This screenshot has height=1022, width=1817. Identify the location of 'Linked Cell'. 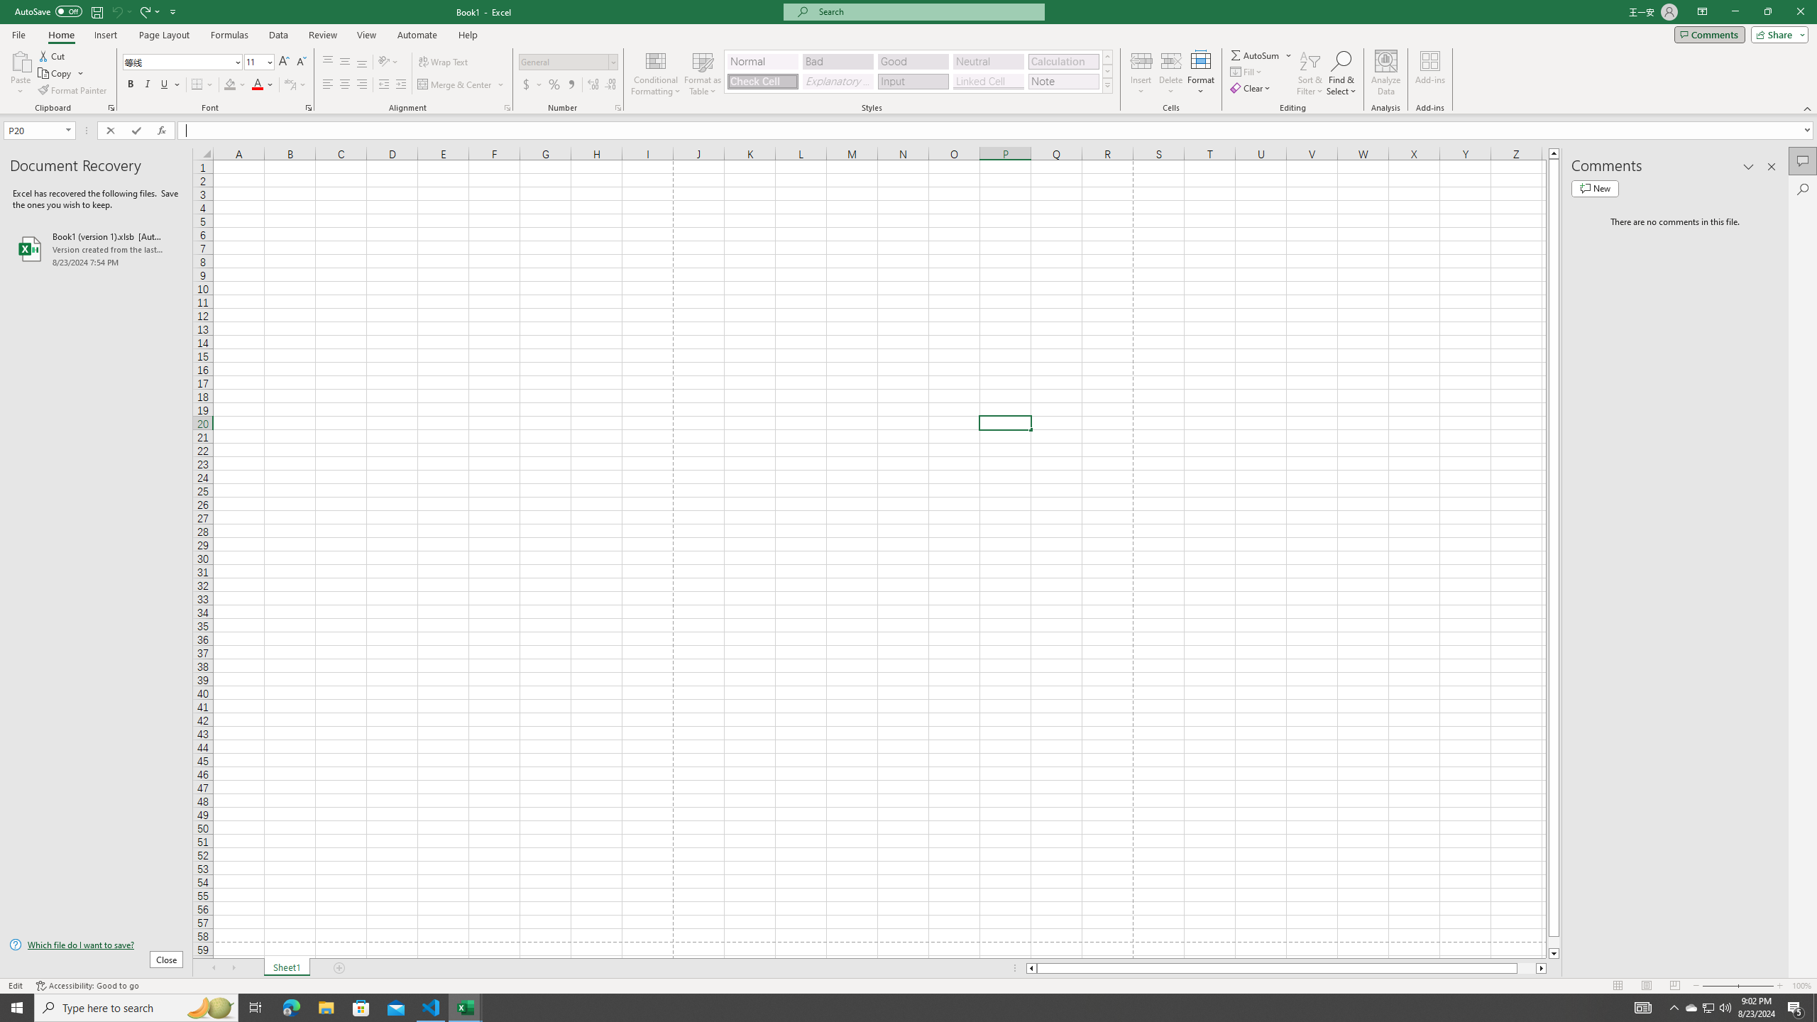
(987, 81).